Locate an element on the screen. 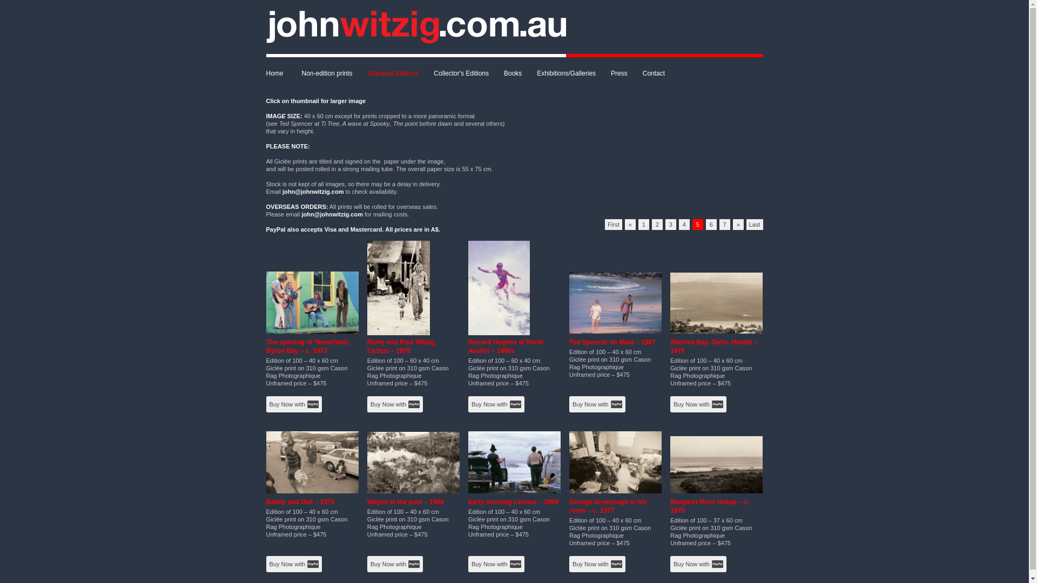 The image size is (1037, 583). 'First' is located at coordinates (613, 224).